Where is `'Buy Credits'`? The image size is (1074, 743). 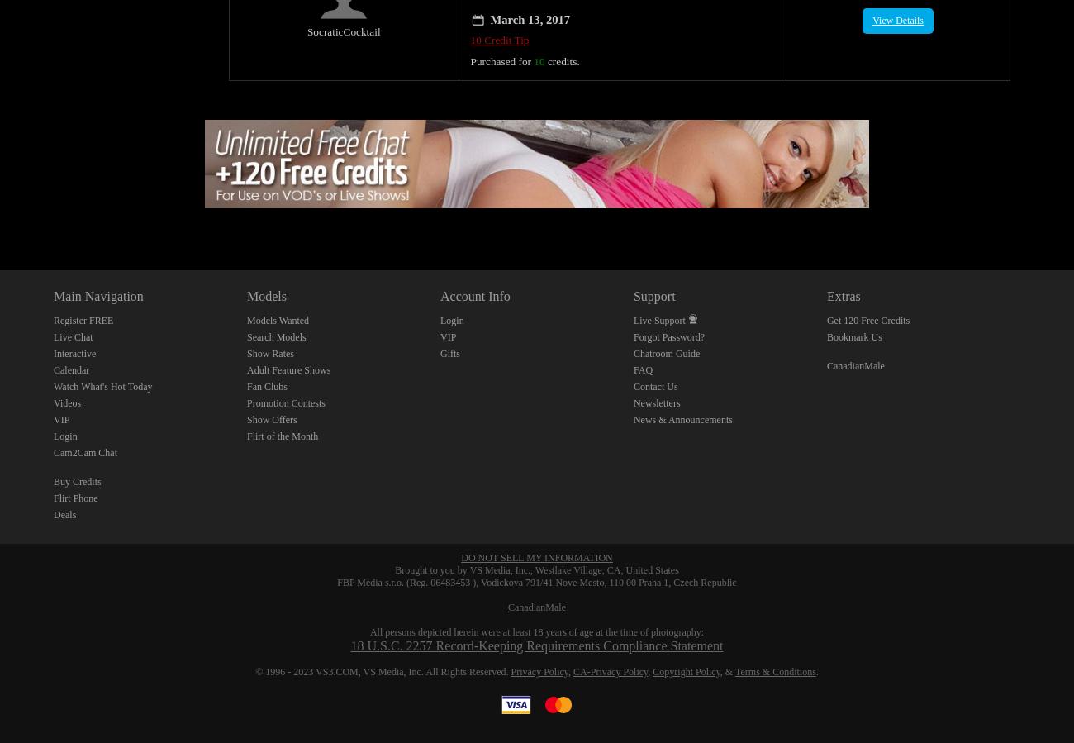
'Buy Credits' is located at coordinates (77, 463).